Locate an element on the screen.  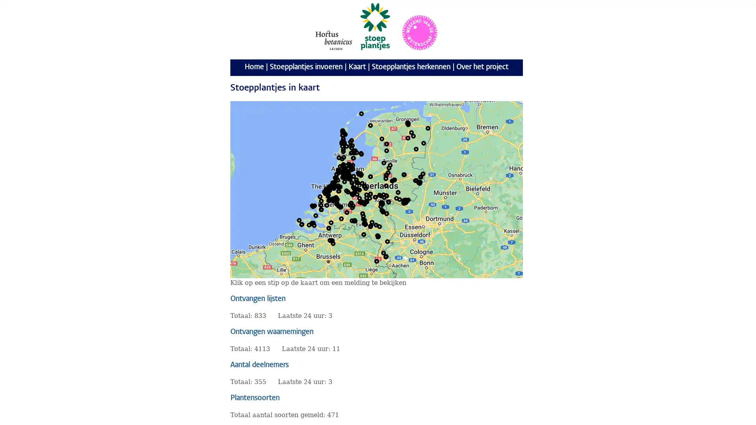
Telling van op 12 februari 2022 is located at coordinates (342, 177).